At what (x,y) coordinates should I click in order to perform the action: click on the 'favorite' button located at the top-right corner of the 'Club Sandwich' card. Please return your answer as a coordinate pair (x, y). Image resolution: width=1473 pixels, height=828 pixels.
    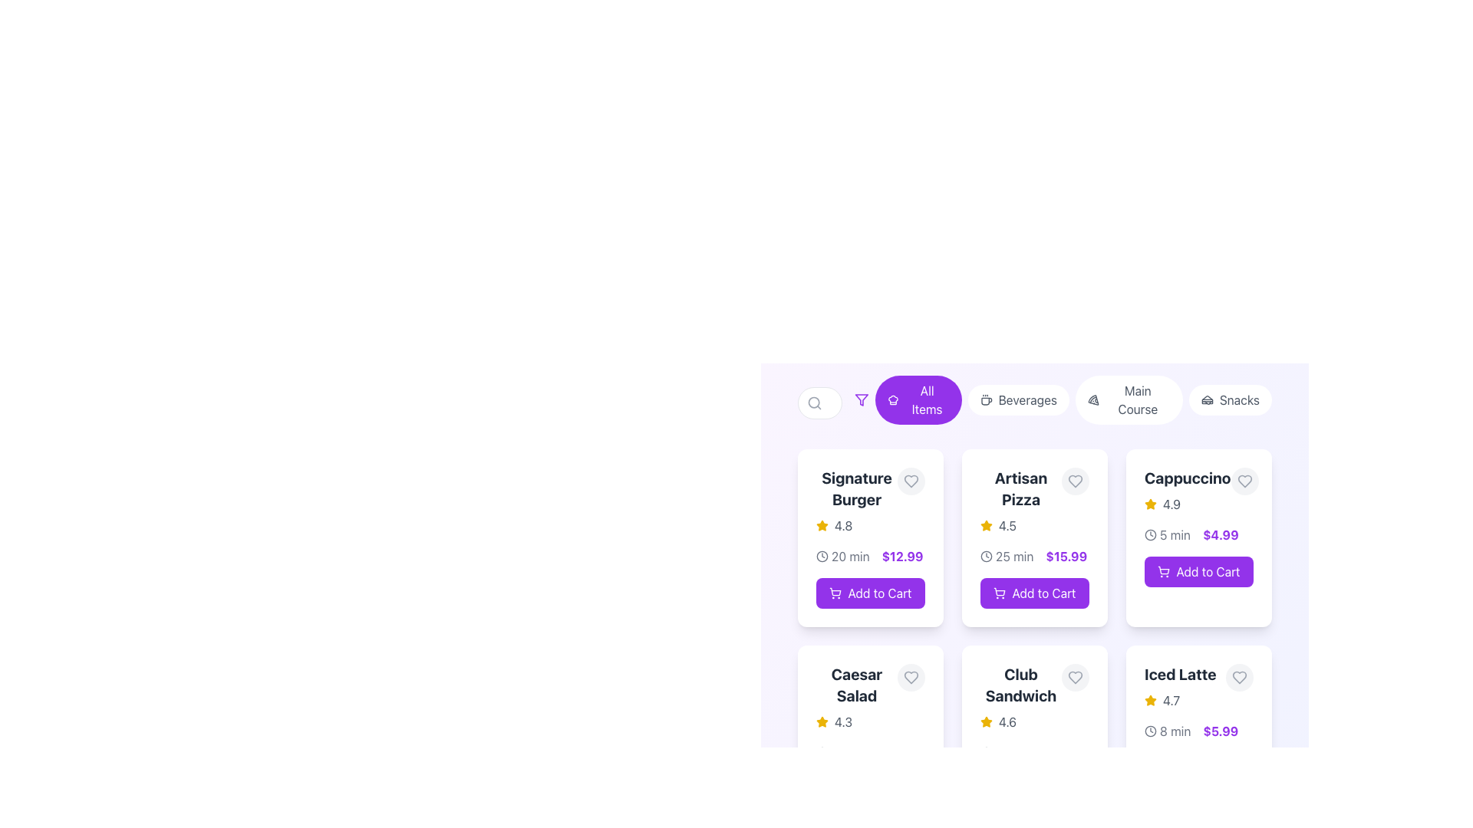
    Looking at the image, I should click on (1074, 676).